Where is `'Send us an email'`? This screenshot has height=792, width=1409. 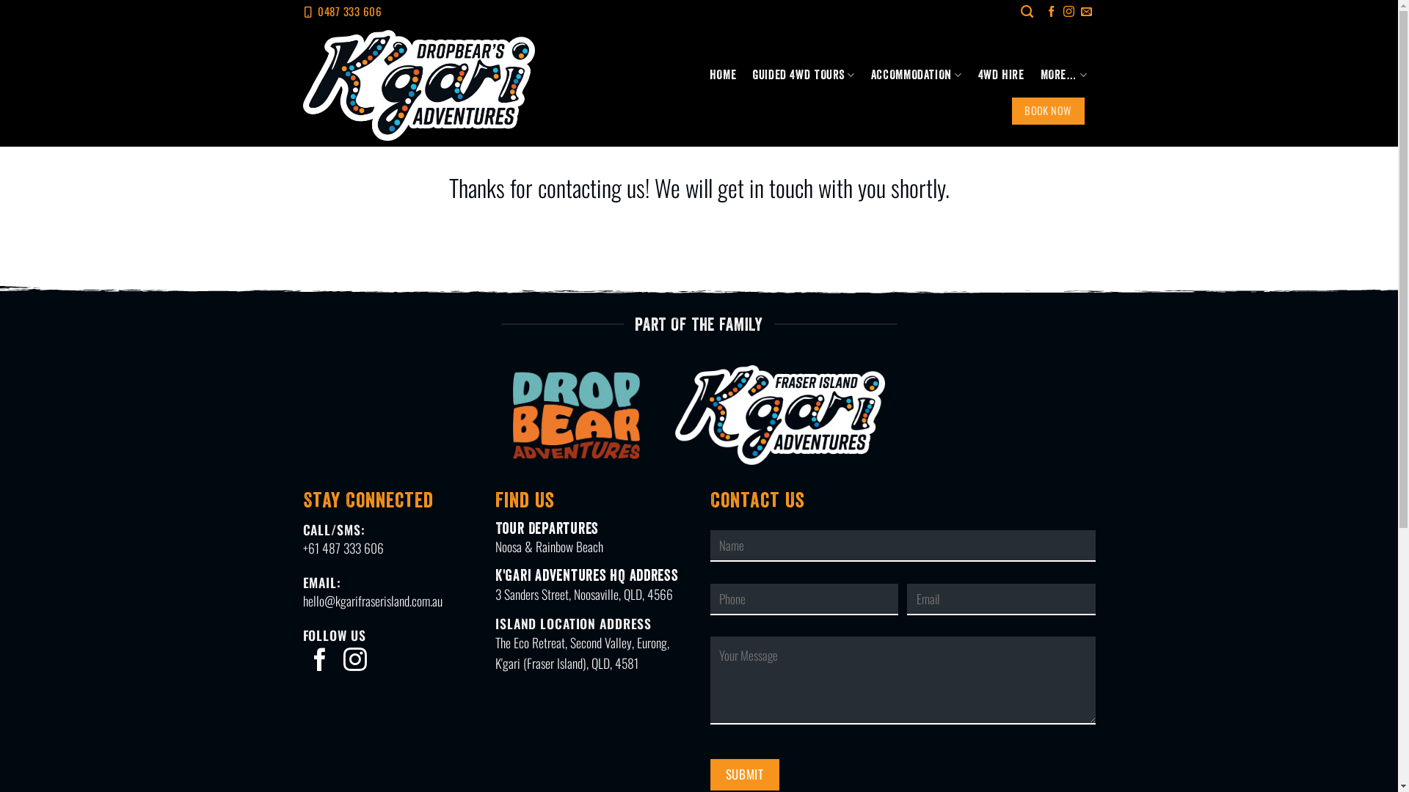
'Send us an email' is located at coordinates (1086, 12).